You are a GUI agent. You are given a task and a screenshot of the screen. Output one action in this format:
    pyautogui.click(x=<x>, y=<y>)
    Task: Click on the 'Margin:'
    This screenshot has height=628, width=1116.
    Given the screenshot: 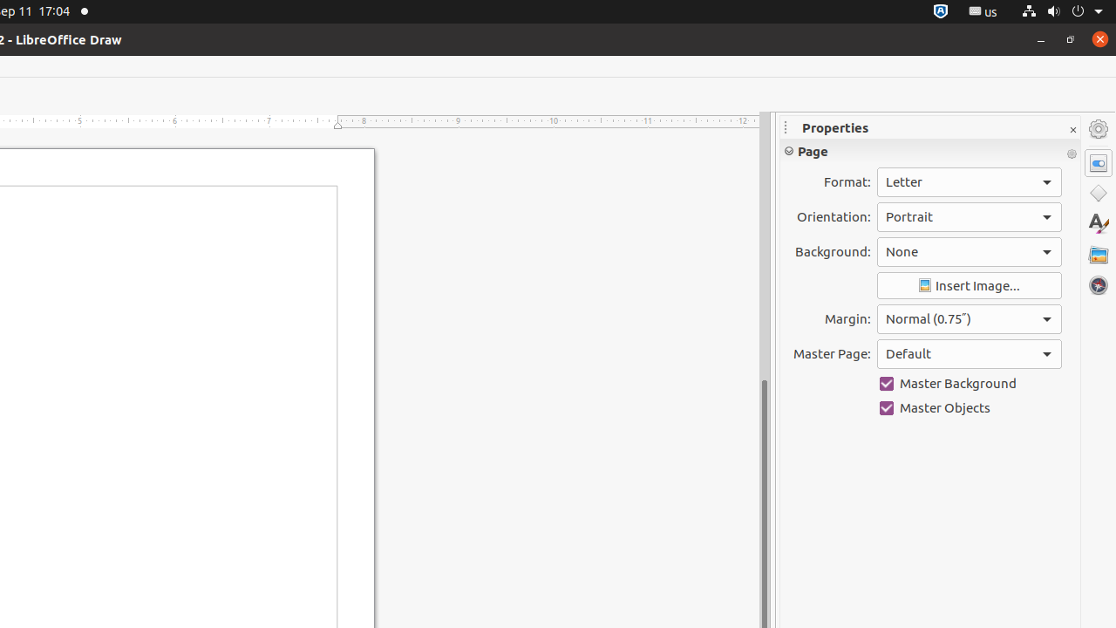 What is the action you would take?
    pyautogui.click(x=968, y=318)
    